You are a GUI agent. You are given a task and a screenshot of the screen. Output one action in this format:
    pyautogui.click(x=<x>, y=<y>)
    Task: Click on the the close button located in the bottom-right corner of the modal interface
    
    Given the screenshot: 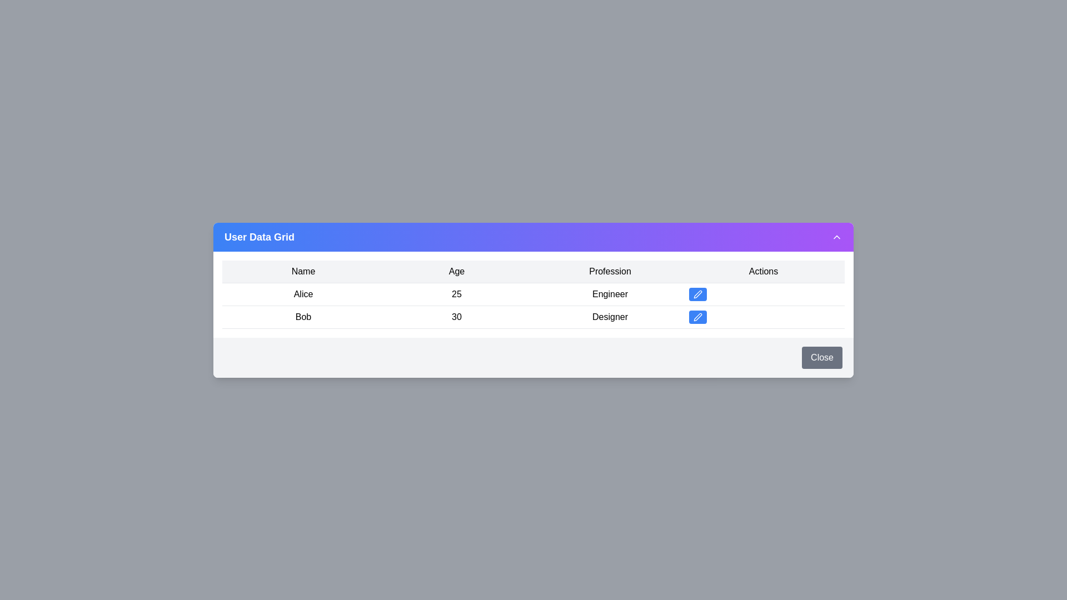 What is the action you would take?
    pyautogui.click(x=822, y=357)
    